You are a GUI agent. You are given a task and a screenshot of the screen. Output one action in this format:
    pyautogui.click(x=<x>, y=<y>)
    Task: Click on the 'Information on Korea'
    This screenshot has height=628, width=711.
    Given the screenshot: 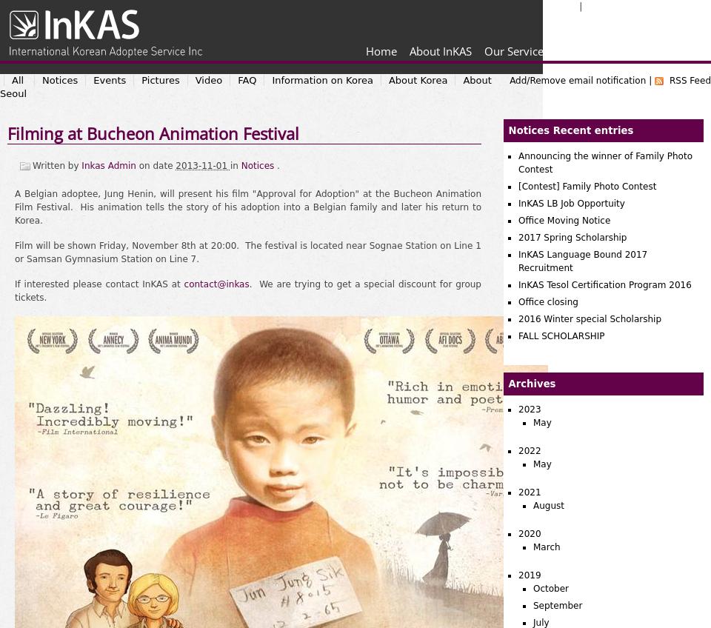 What is the action you would take?
    pyautogui.click(x=321, y=79)
    